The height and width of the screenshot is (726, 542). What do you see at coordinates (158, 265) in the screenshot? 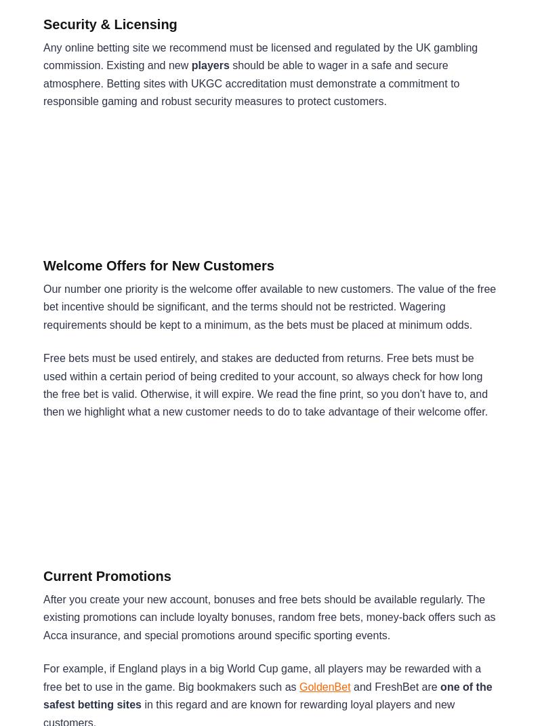
I see `'Welcome Offers for New Customers'` at bounding box center [158, 265].